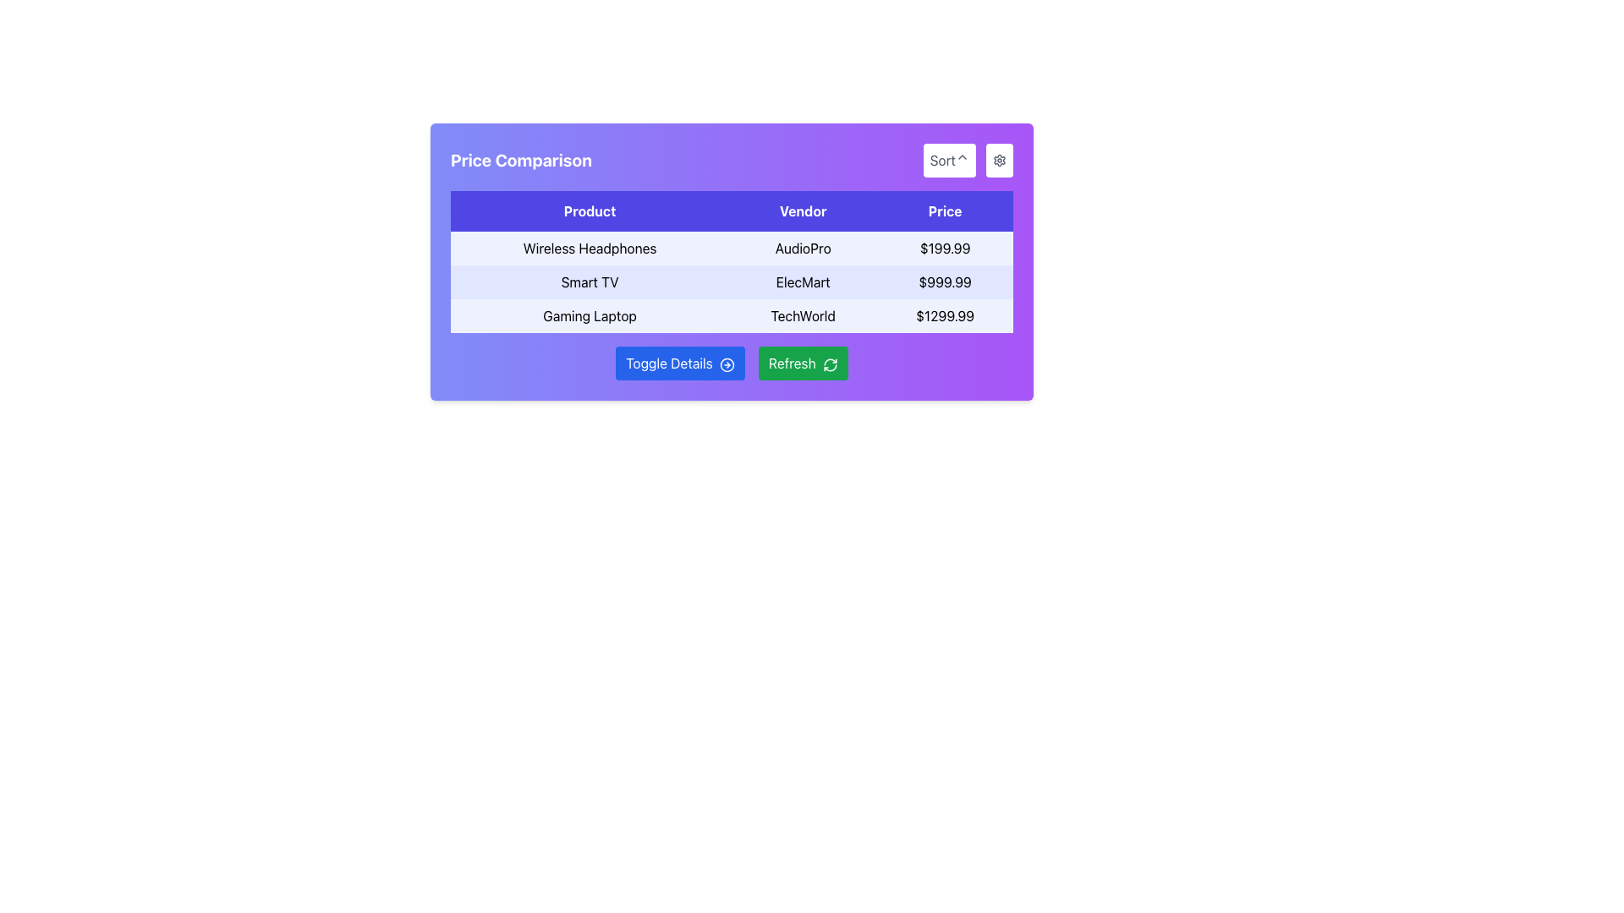 The height and width of the screenshot is (913, 1624). Describe the element at coordinates (999, 160) in the screenshot. I see `the settings icon located within the 'Settings' button at the top right corner of the interface` at that location.